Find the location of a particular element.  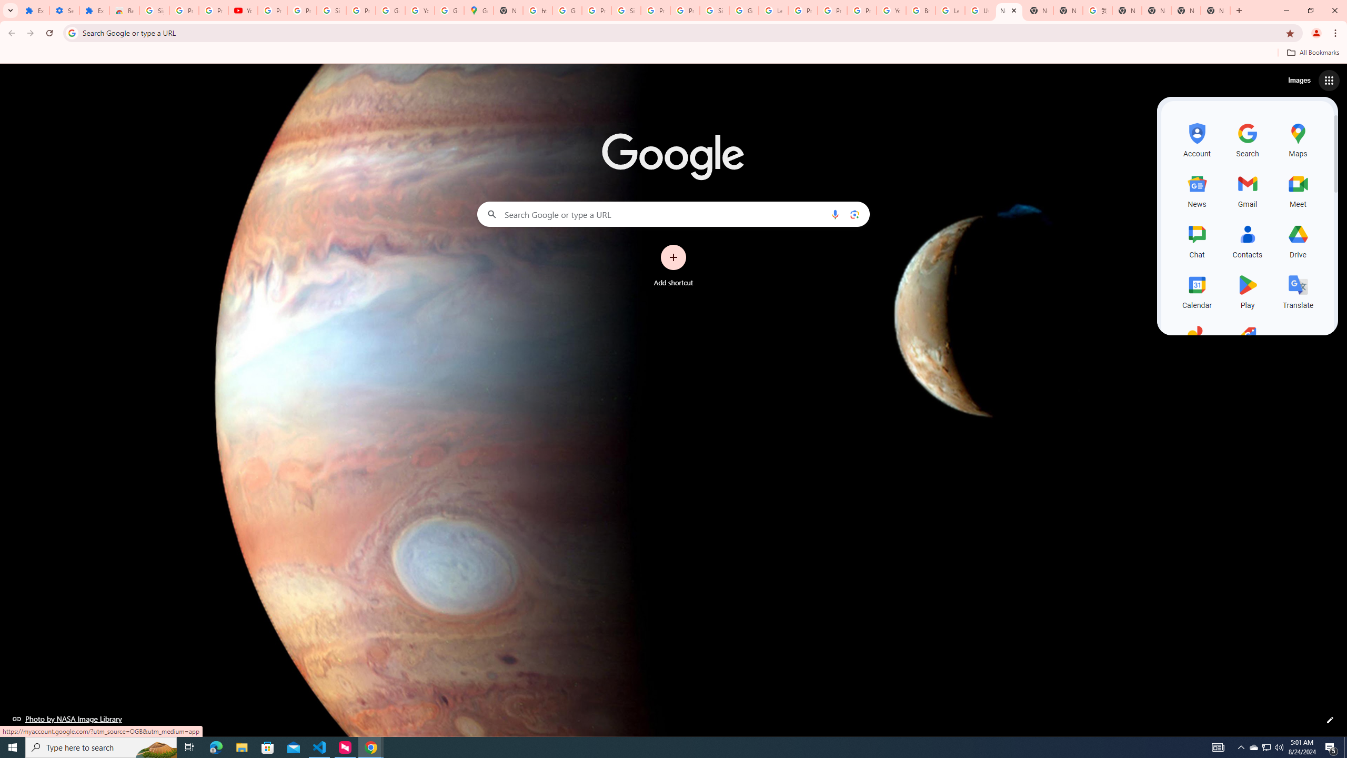

'News, row 2 of 5 and column 1 of 3 in the first section' is located at coordinates (1197, 189).